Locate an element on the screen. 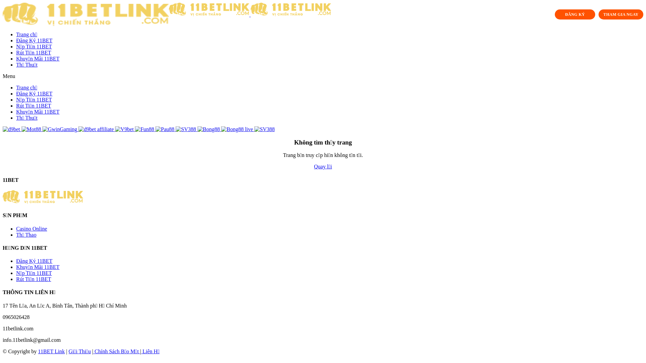  'Mot88' is located at coordinates (32, 129).